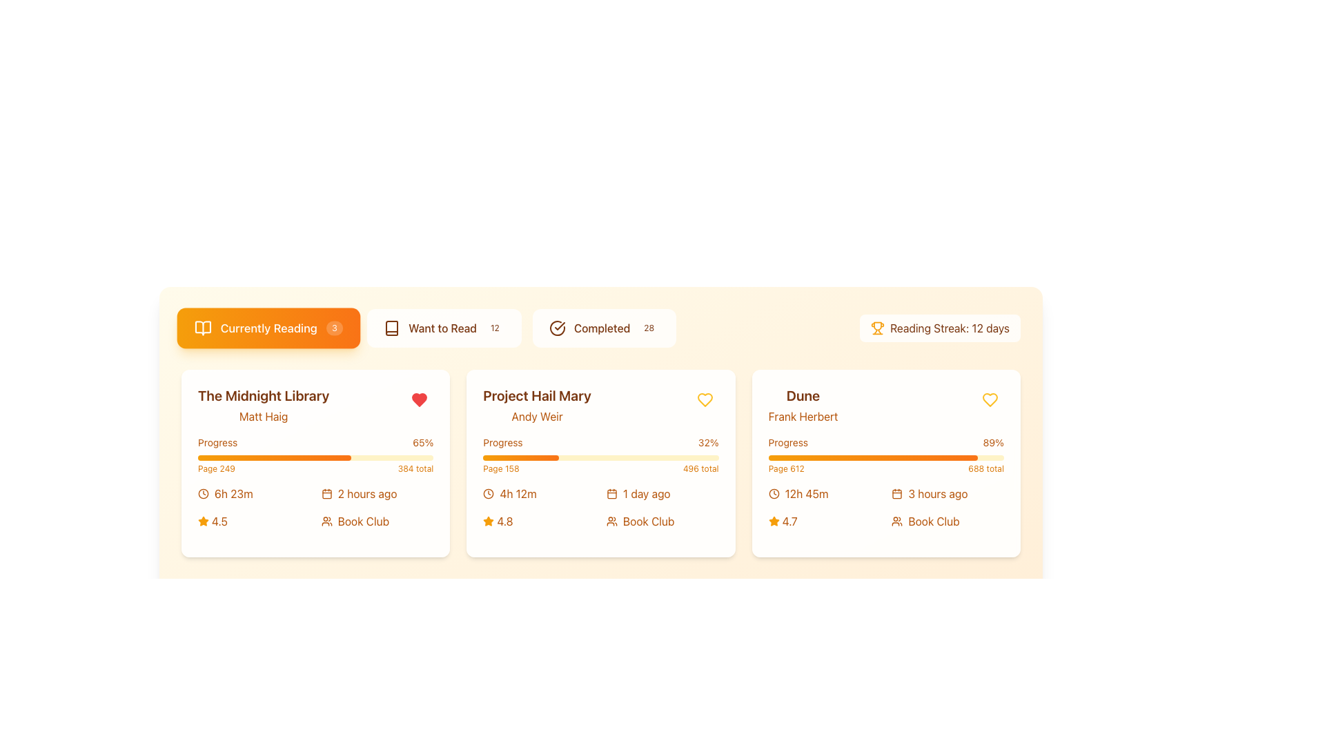 The image size is (1325, 745). Describe the element at coordinates (886, 455) in the screenshot. I see `the progress bar that shows 89% completion of reading` at that location.